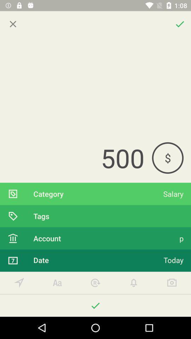 Image resolution: width=191 pixels, height=339 pixels. Describe the element at coordinates (167, 158) in the screenshot. I see `$ icon` at that location.